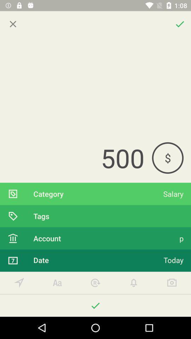 Image resolution: width=191 pixels, height=339 pixels. Describe the element at coordinates (167, 158) in the screenshot. I see `$ icon` at that location.